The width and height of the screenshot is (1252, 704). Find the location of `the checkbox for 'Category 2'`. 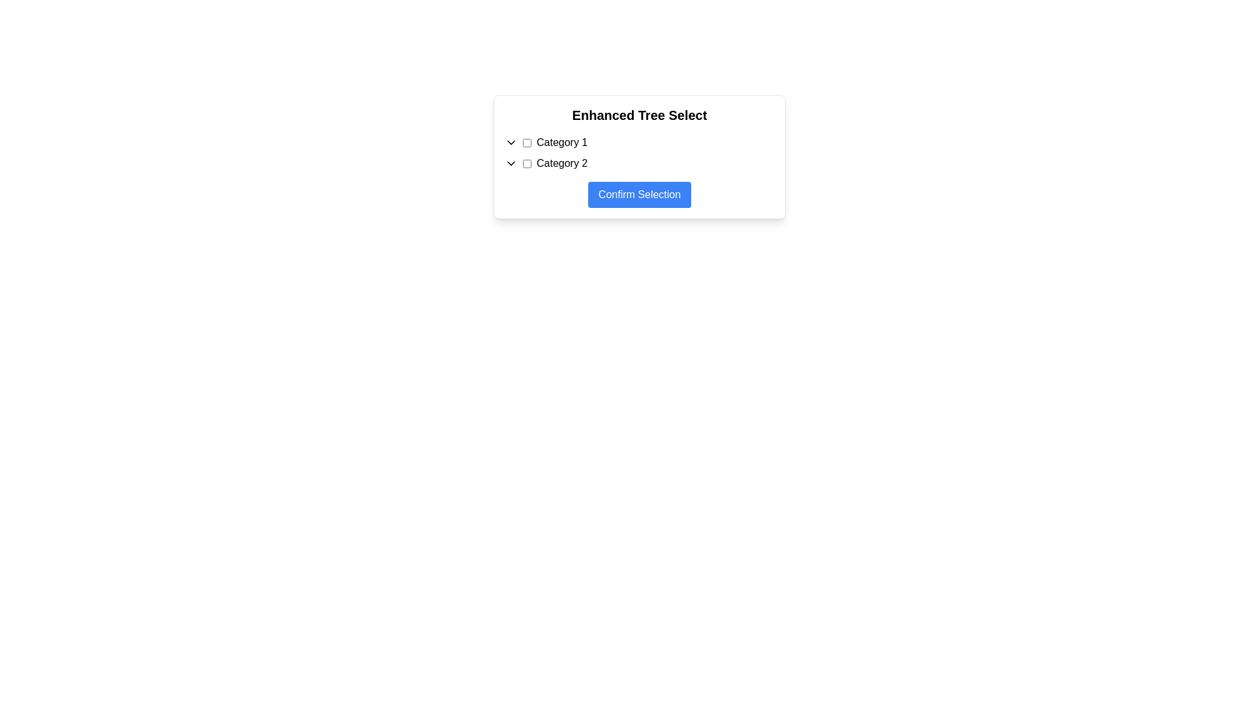

the checkbox for 'Category 2' is located at coordinates (527, 162).